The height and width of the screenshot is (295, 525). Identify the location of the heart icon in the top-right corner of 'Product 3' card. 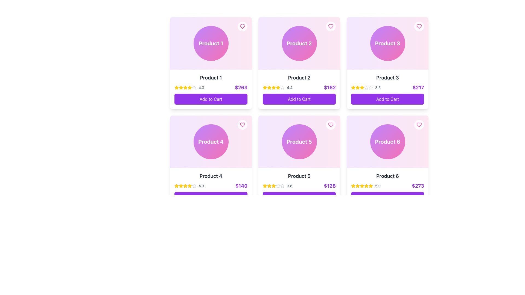
(419, 26).